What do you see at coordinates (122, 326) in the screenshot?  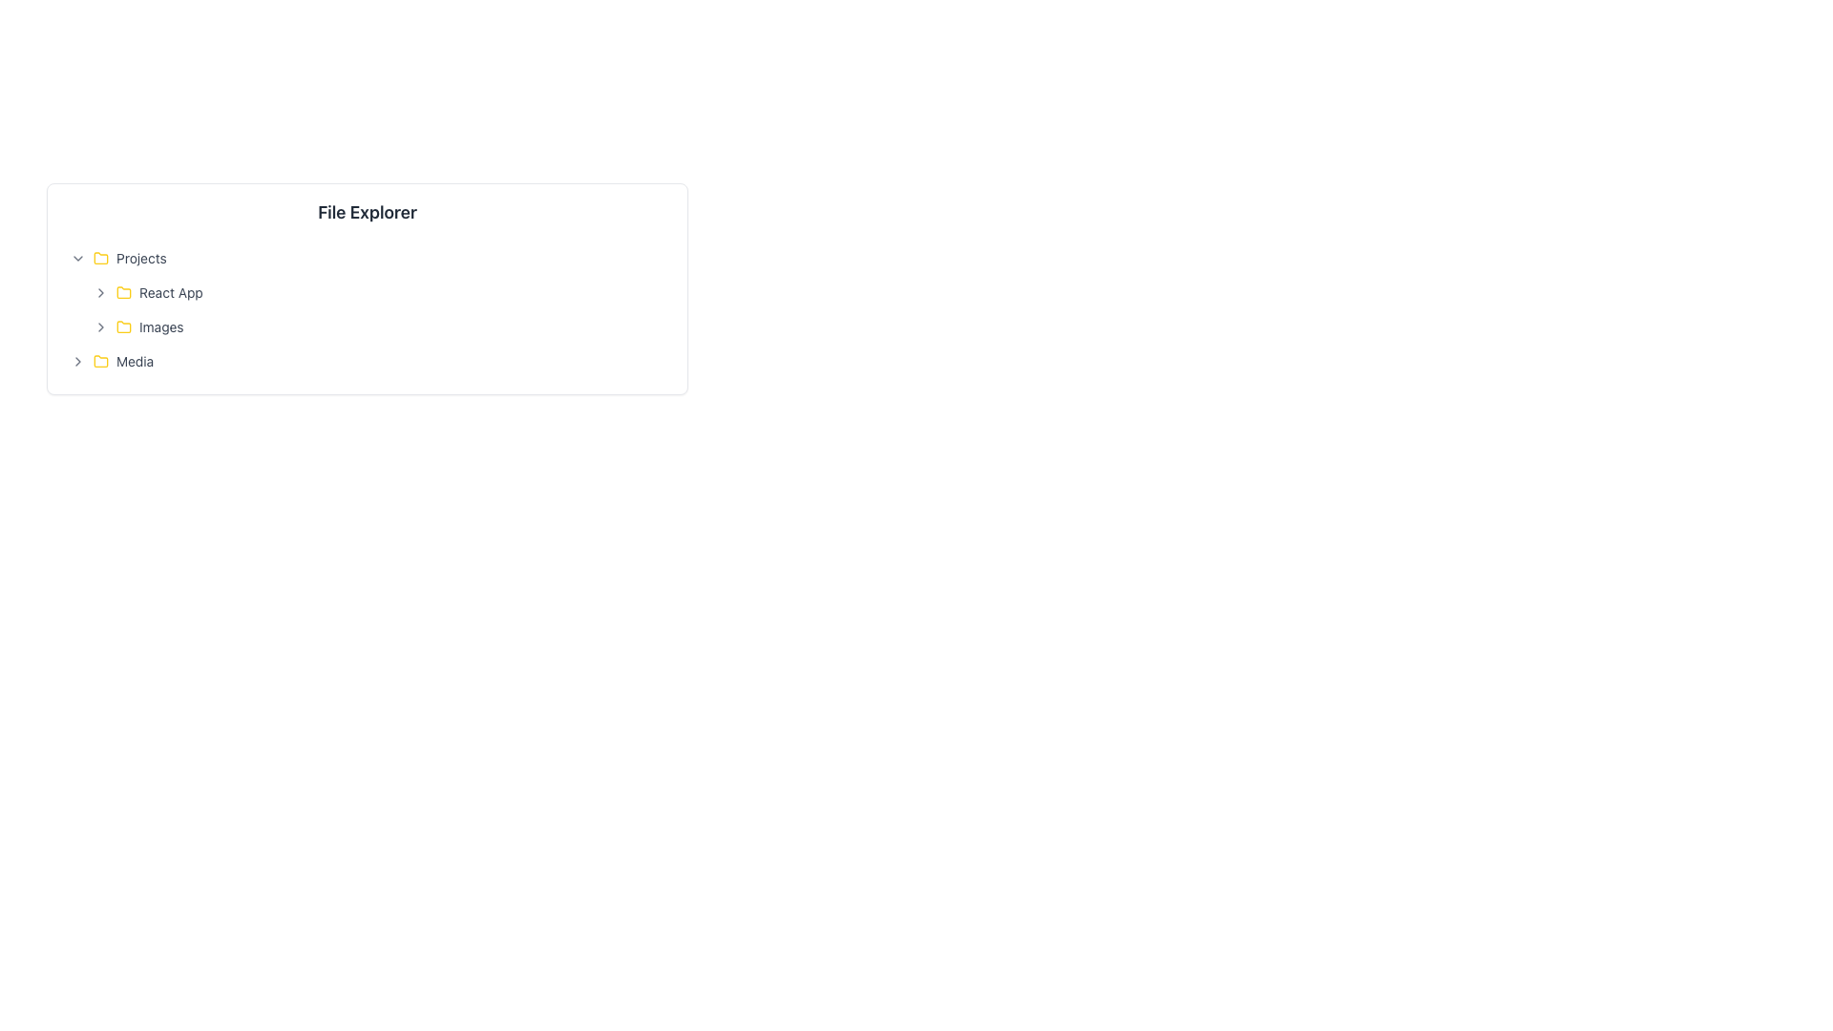 I see `the folder icon with a yellow outline representing 'Images'` at bounding box center [122, 326].